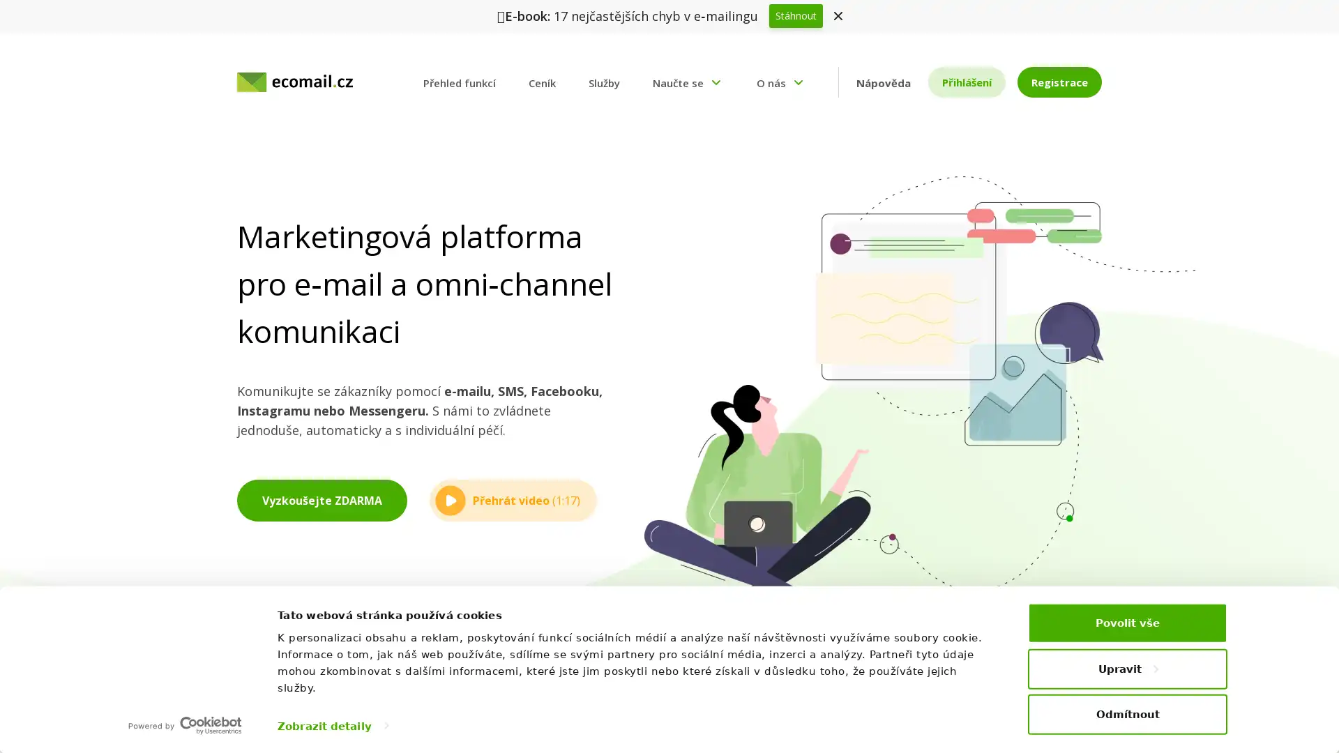  I want to click on Prihlaseni, so click(965, 82).